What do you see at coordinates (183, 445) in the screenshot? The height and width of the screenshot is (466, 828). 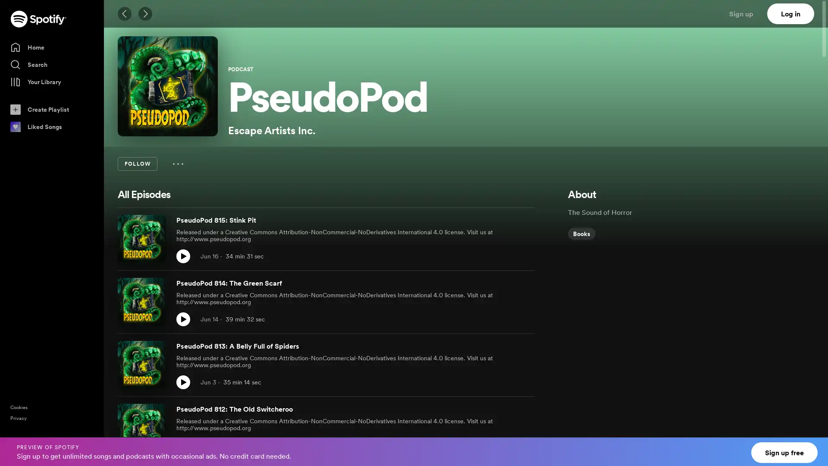 I see `Play PseudoPod 812: The Old Switcheroo by PseudoPod` at bounding box center [183, 445].